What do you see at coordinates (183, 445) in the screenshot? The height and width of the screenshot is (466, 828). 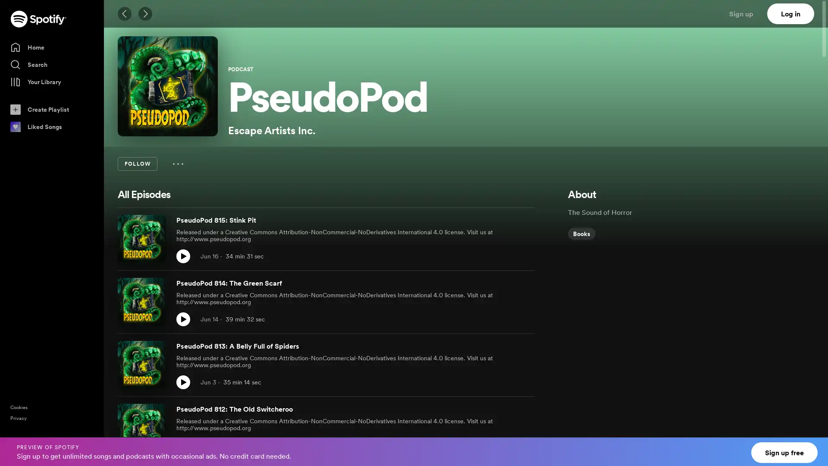 I see `Play PseudoPod 812: The Old Switcheroo by PseudoPod` at bounding box center [183, 445].